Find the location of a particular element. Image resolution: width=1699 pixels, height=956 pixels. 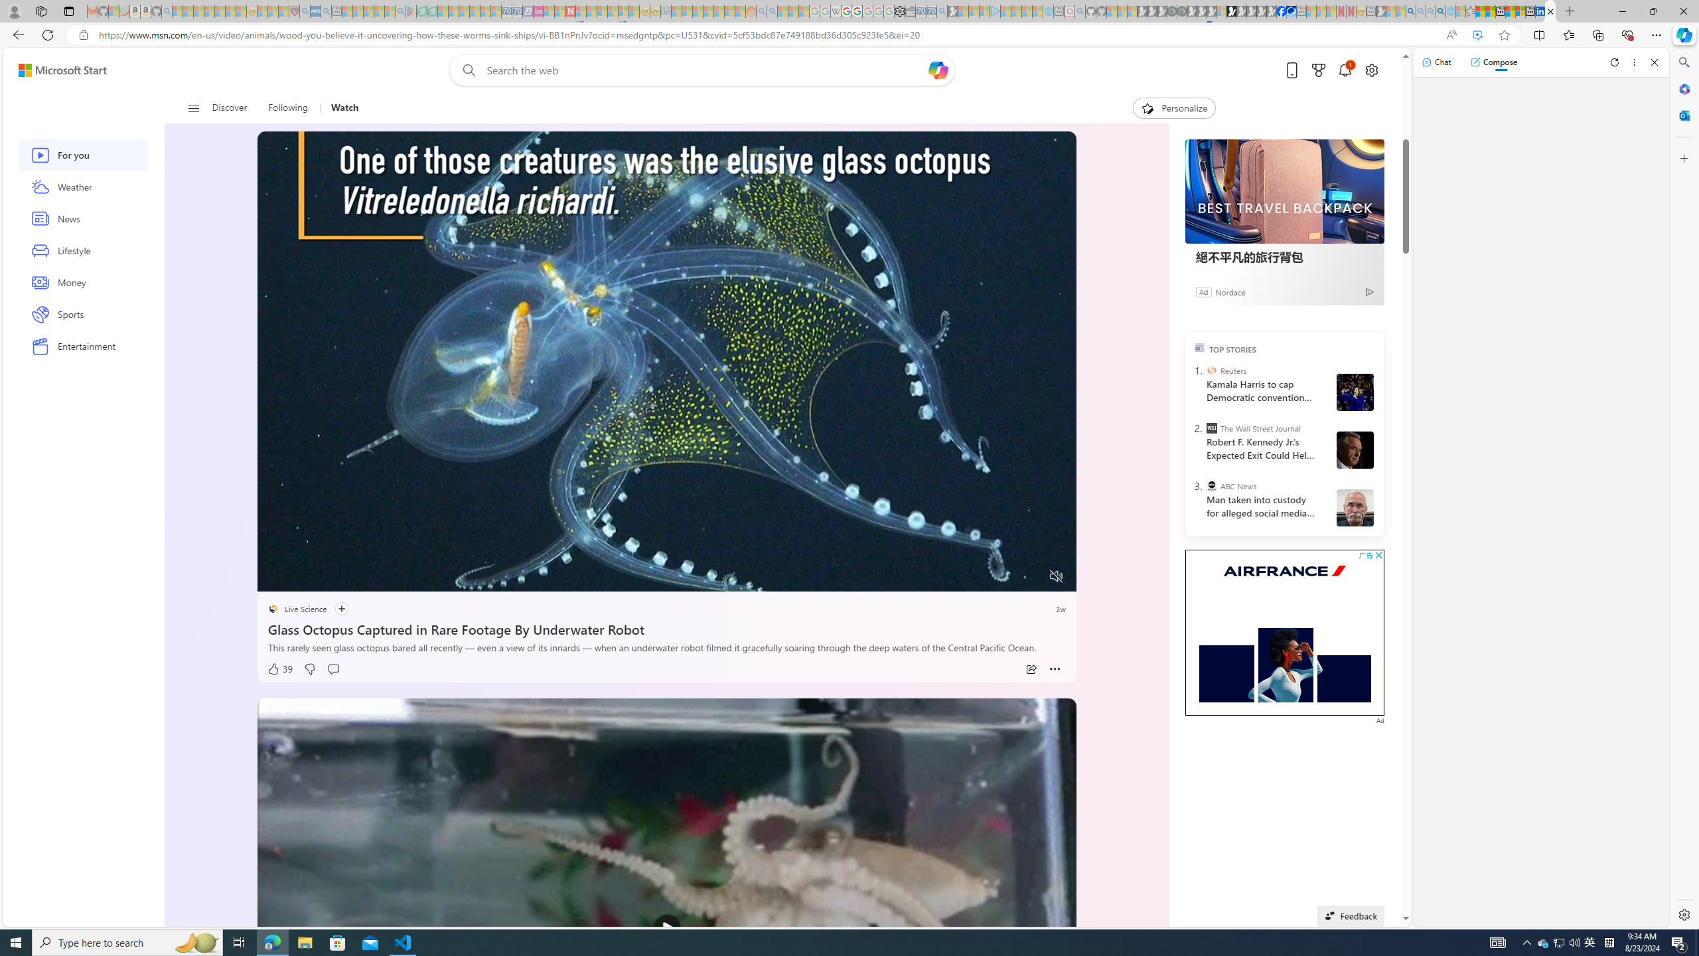

'New Report Confirms 2023 Was Record Hot | Watch - Sleeping' is located at coordinates (219, 11).